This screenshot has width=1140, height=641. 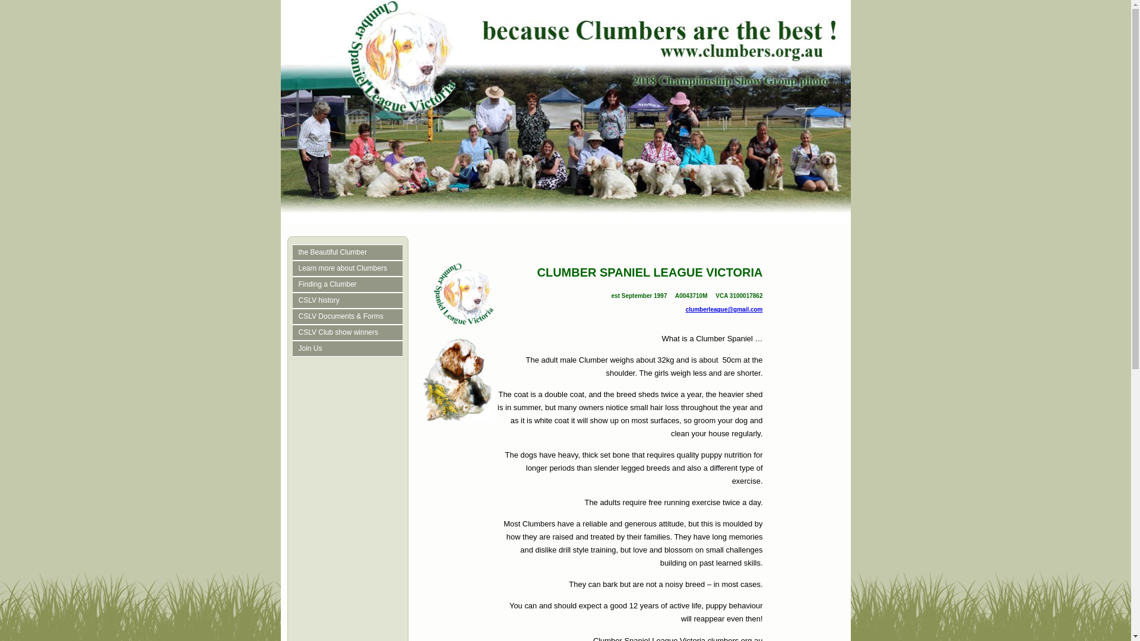 What do you see at coordinates (349, 252) in the screenshot?
I see `'the Beautiful Clumber'` at bounding box center [349, 252].